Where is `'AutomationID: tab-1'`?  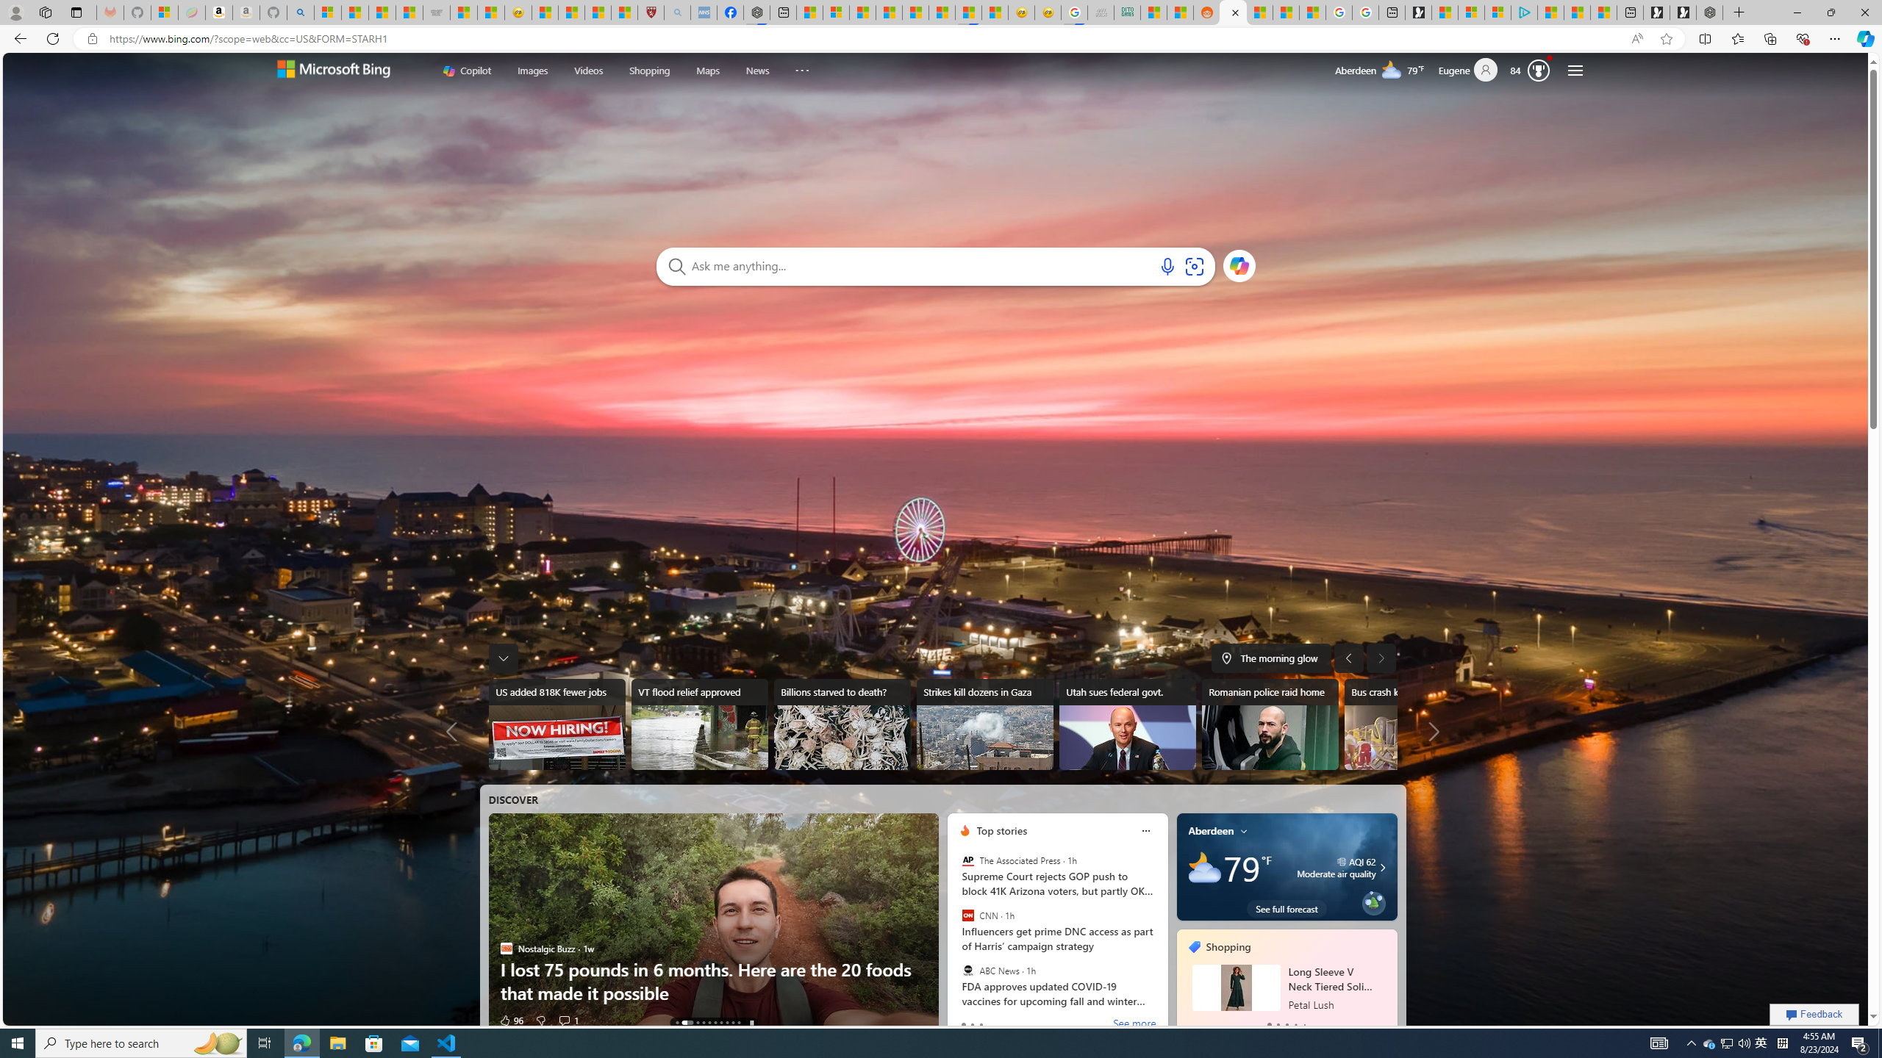 'AutomationID: tab-1' is located at coordinates (686, 1022).